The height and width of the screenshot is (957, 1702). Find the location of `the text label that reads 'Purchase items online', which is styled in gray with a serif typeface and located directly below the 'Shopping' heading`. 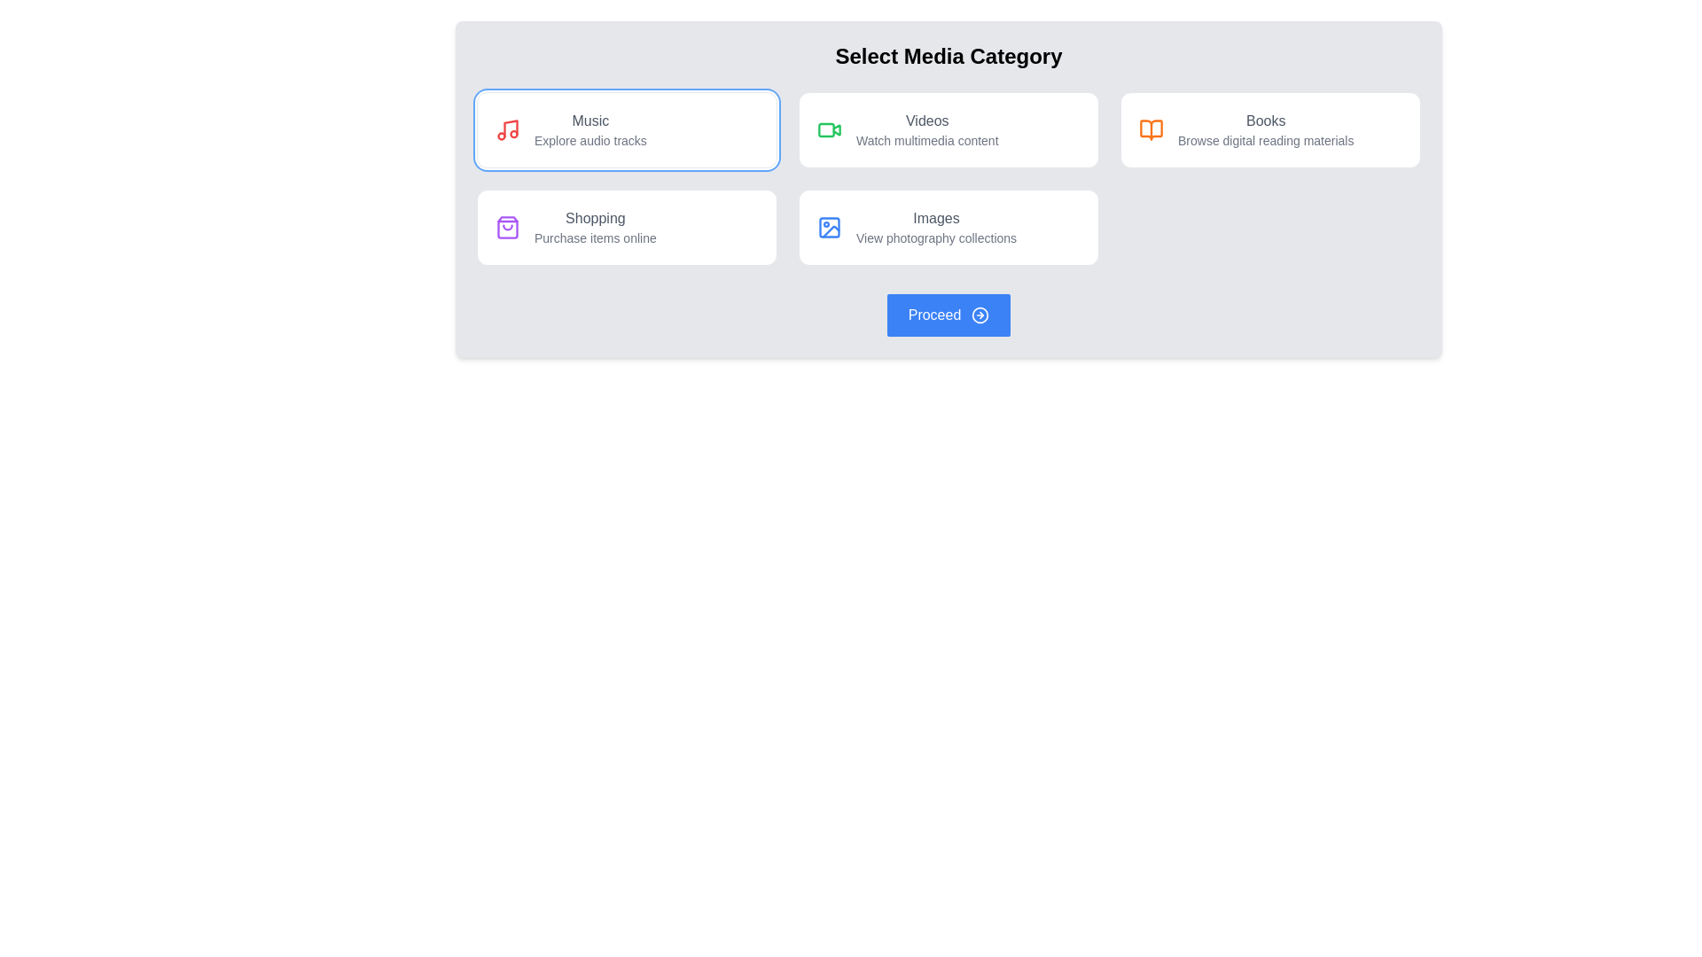

the text label that reads 'Purchase items online', which is styled in gray with a serif typeface and located directly below the 'Shopping' heading is located at coordinates (595, 237).